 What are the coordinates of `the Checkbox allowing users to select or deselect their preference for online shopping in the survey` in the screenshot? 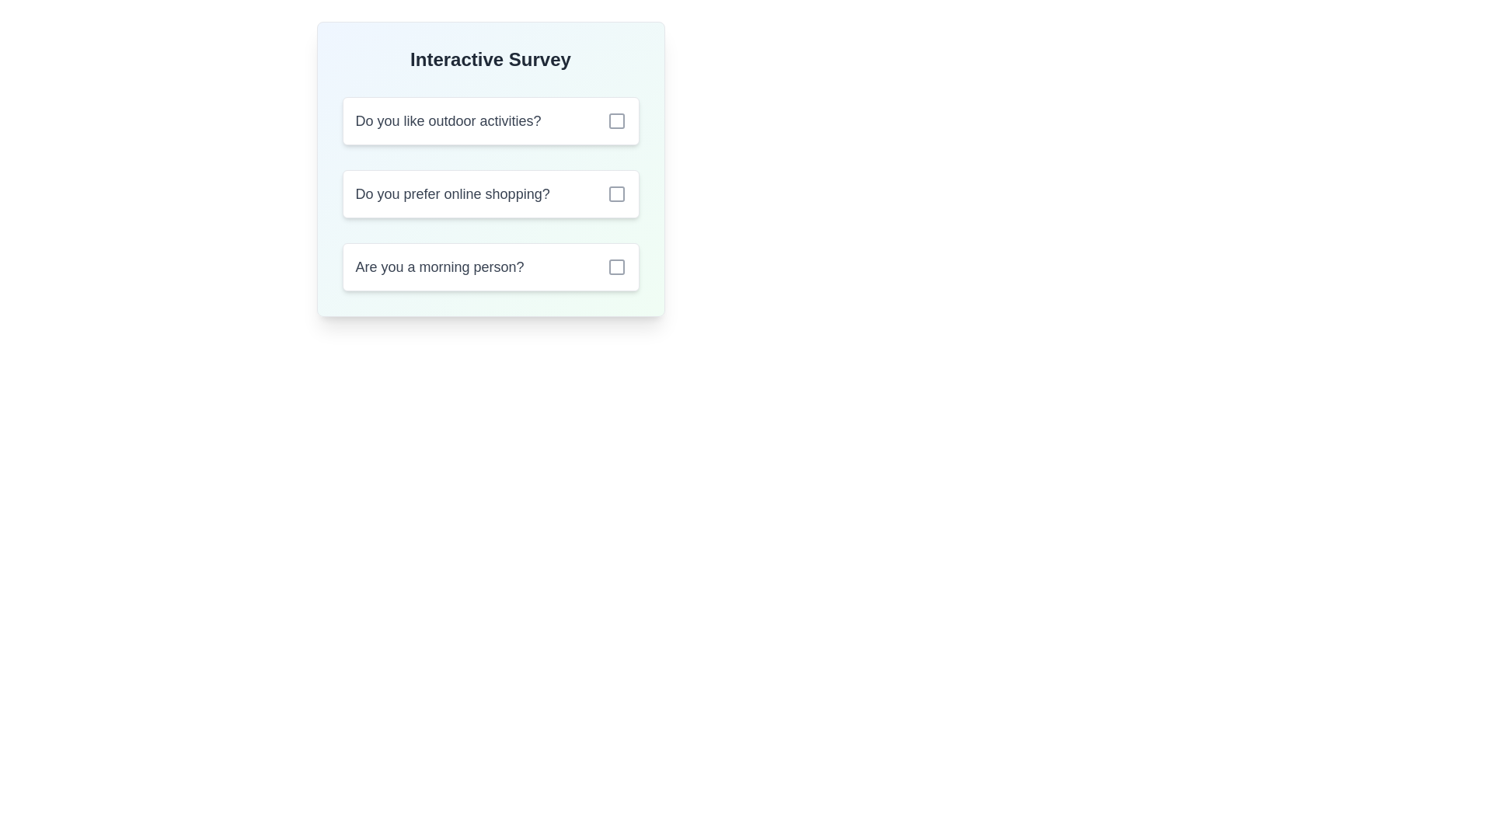 It's located at (615, 193).